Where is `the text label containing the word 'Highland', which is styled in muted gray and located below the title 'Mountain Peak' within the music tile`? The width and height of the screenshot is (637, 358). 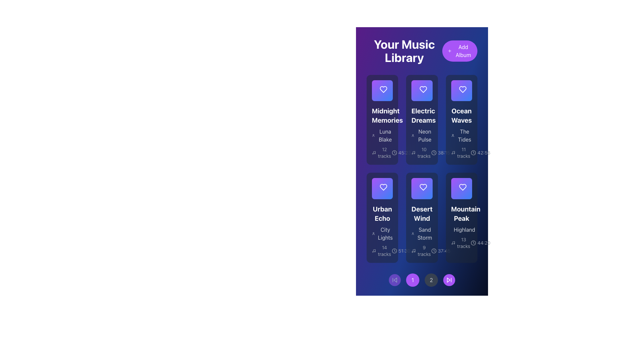
the text label containing the word 'Highland', which is styled in muted gray and located below the title 'Mountain Peak' within the music tile is located at coordinates (461, 229).